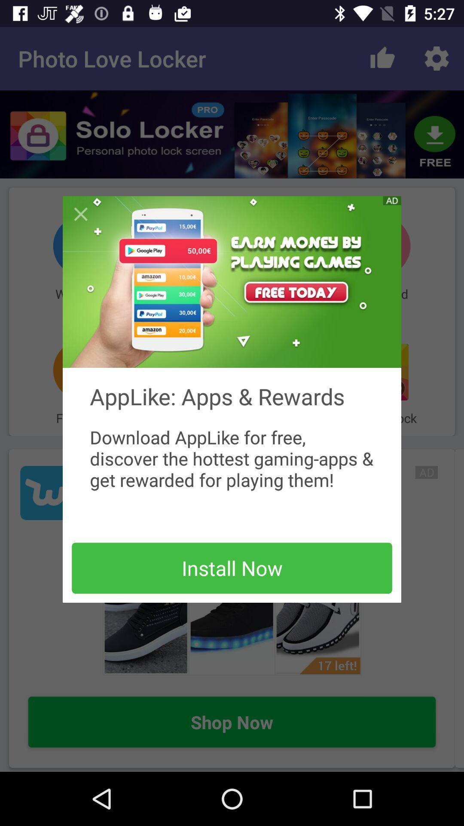  Describe the element at coordinates (232, 282) in the screenshot. I see `the advertisement` at that location.